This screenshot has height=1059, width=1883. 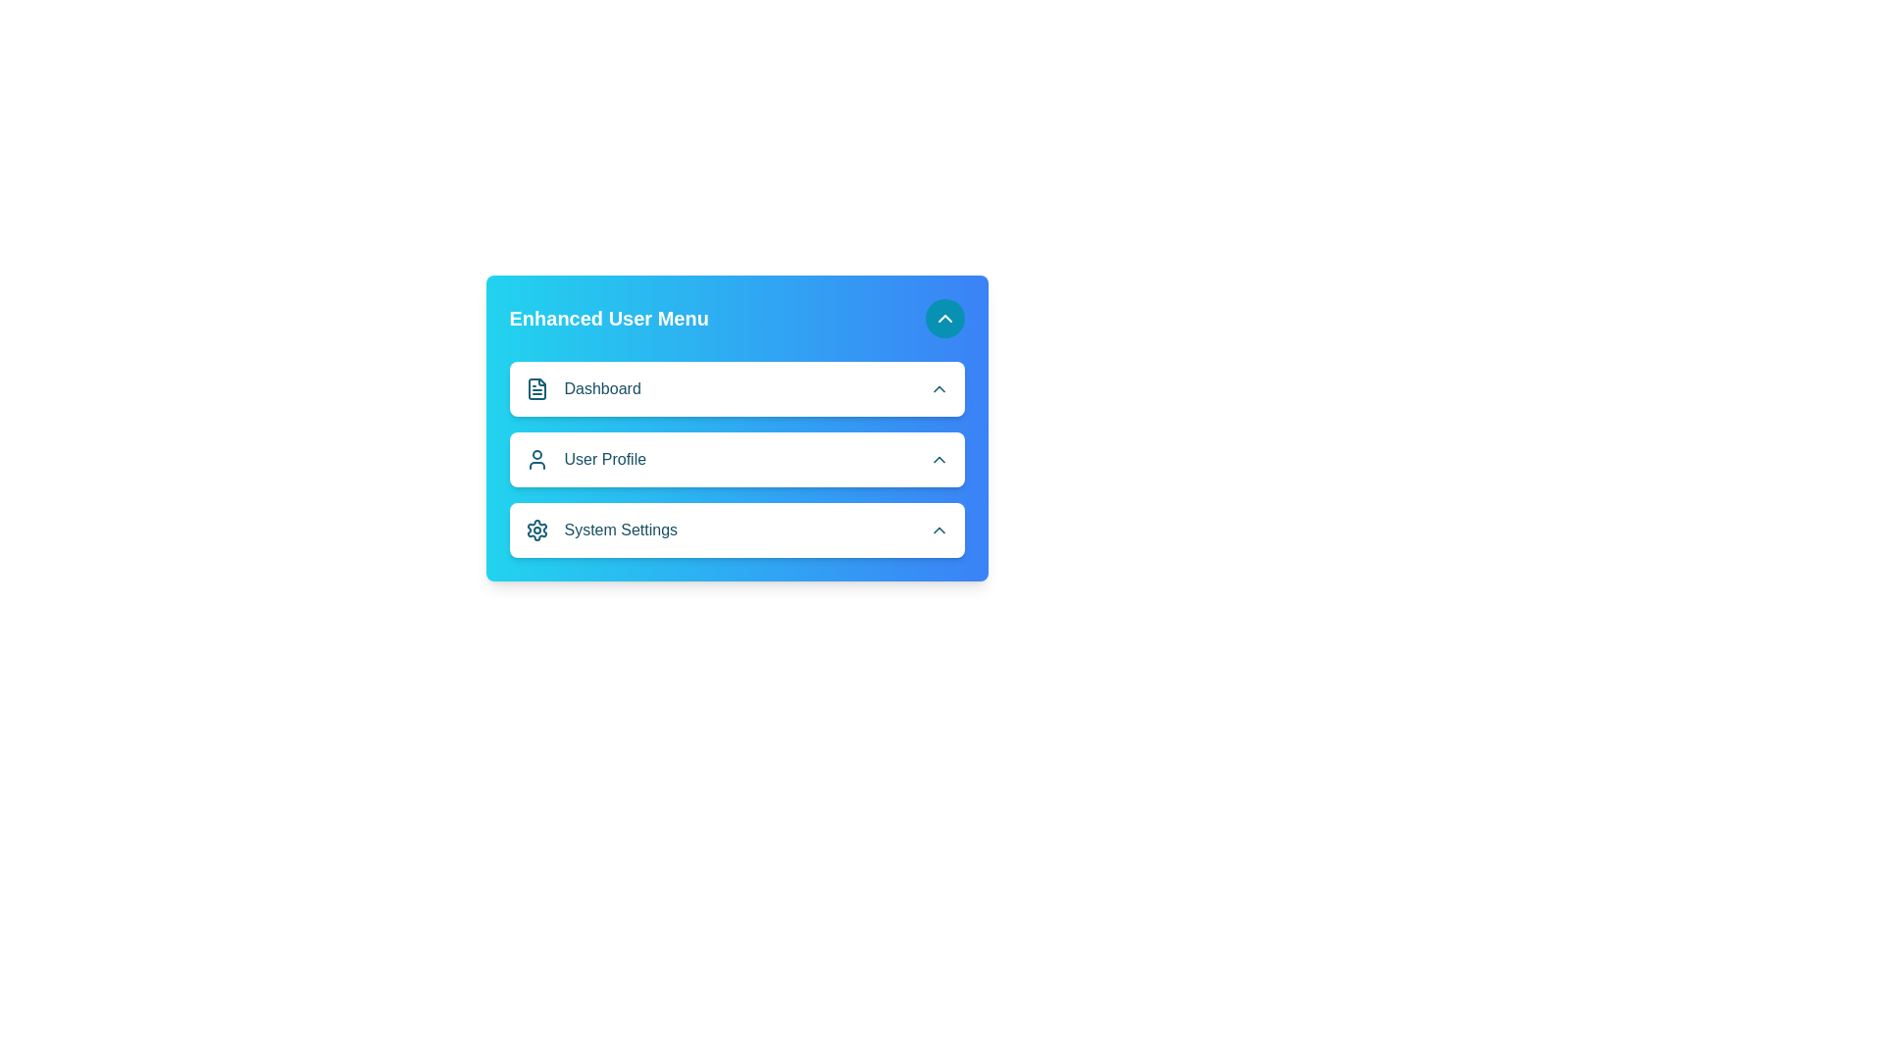 What do you see at coordinates (736, 460) in the screenshot?
I see `the 'User Profile' menu item, which is the second item in the 'Enhanced User Menu' card` at bounding box center [736, 460].